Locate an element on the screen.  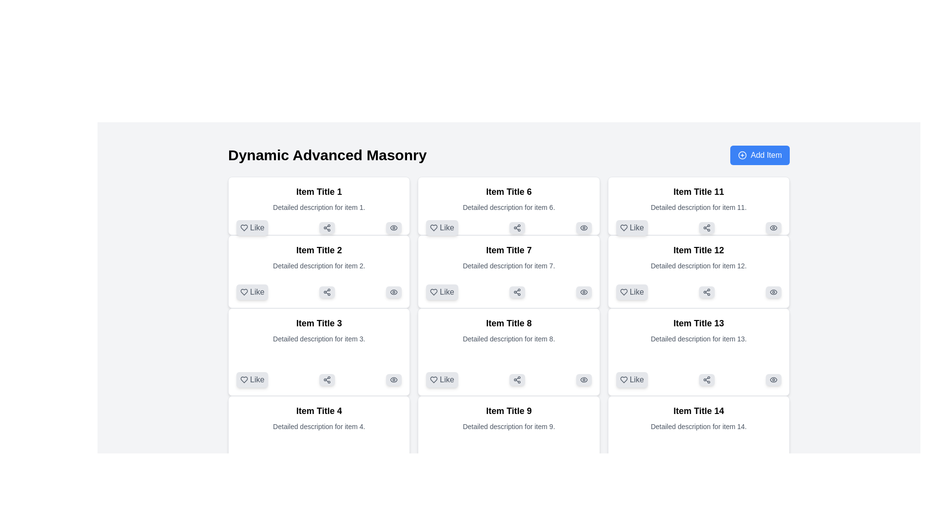
the 'like' button located in the bottom-left corner of the card for 'Item Title 1' to express a like for the content is located at coordinates (252, 227).